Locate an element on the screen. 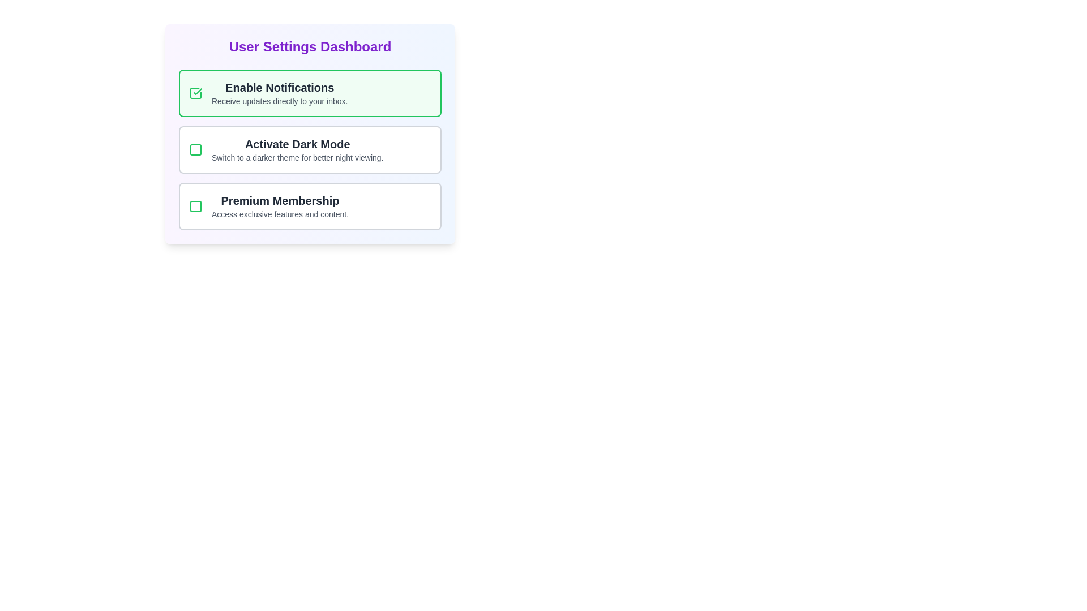 This screenshot has height=611, width=1087. the 'Enable Notifications' text label, which is styled in bold and larger font, located at the top of the settings list within a green-bordered section is located at coordinates (280, 87).